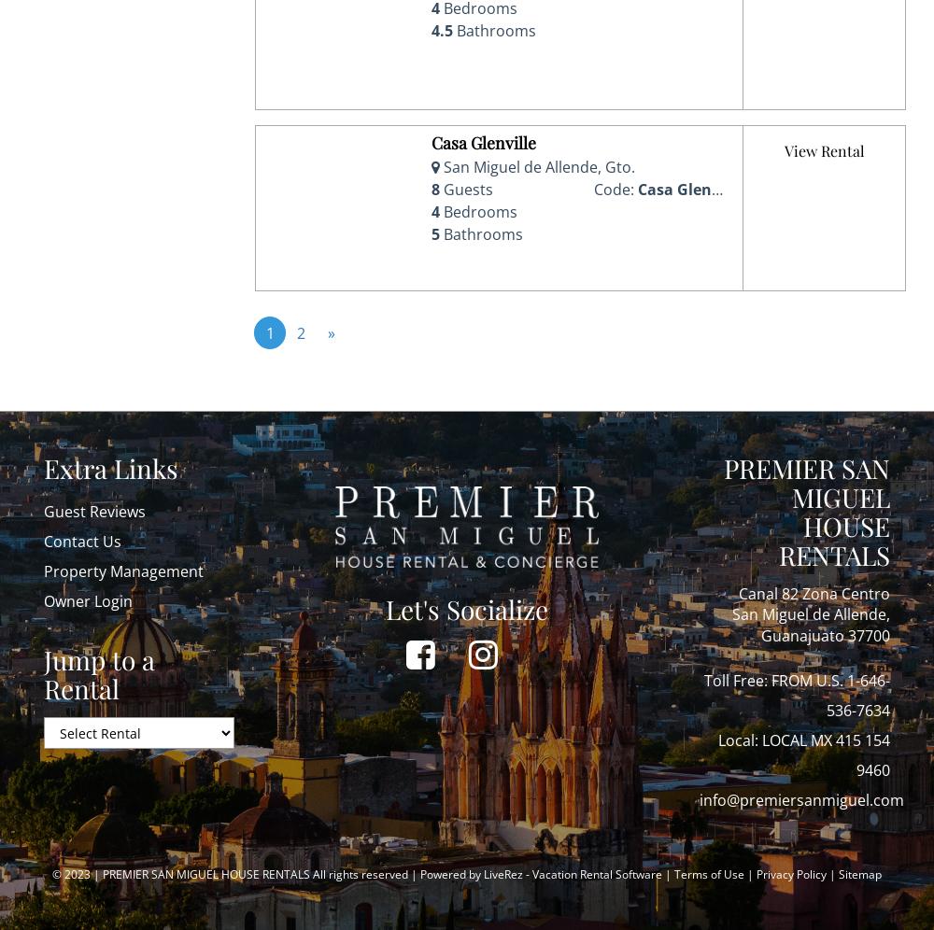  What do you see at coordinates (614, 189) in the screenshot?
I see `'Code:'` at bounding box center [614, 189].